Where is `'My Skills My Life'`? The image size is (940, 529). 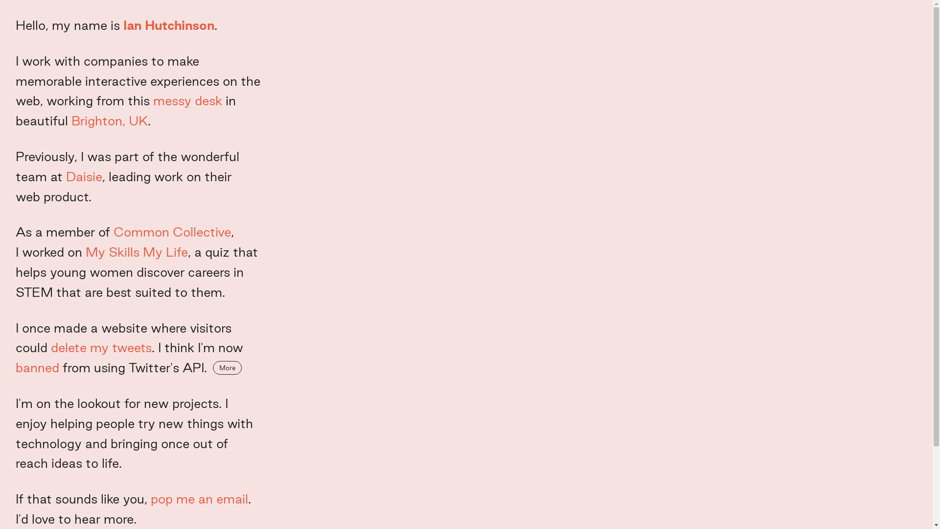
'My Skills My Life' is located at coordinates (136, 252).